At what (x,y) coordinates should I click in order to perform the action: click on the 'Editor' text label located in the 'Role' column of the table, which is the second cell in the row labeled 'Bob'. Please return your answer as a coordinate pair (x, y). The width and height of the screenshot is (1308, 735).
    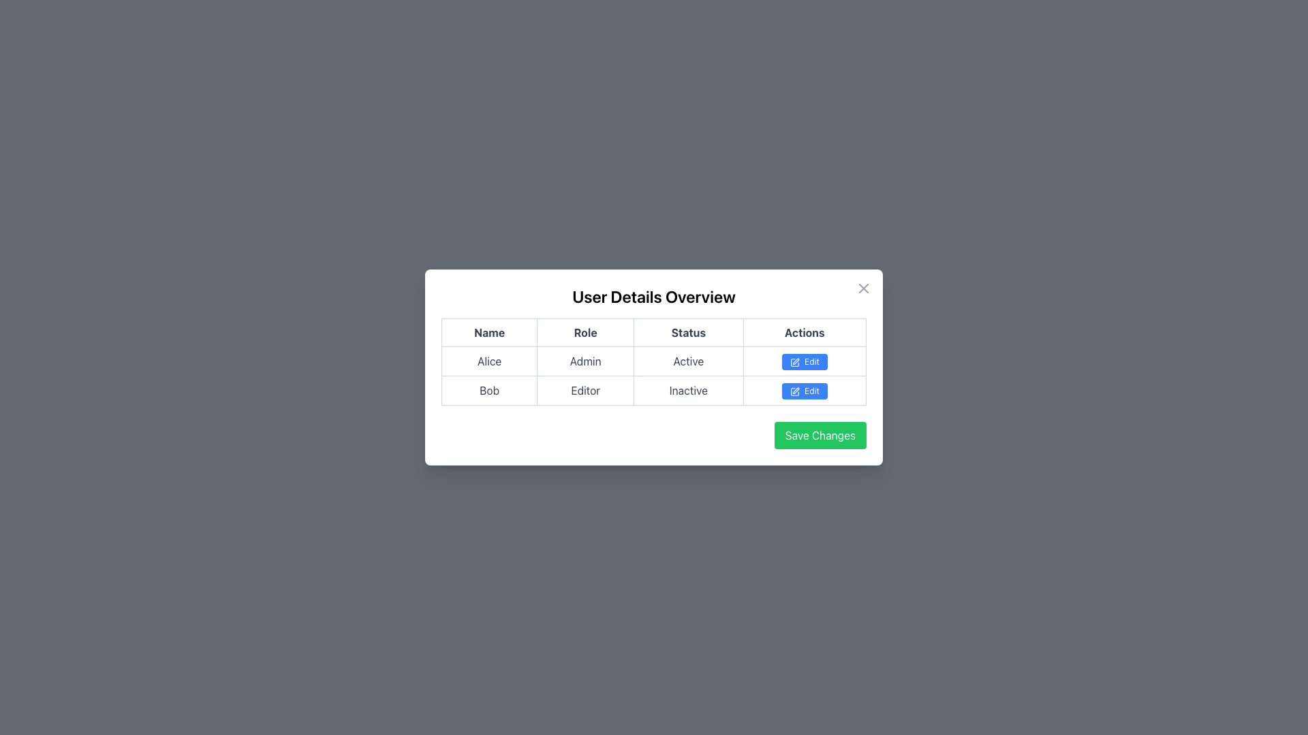
    Looking at the image, I should click on (585, 391).